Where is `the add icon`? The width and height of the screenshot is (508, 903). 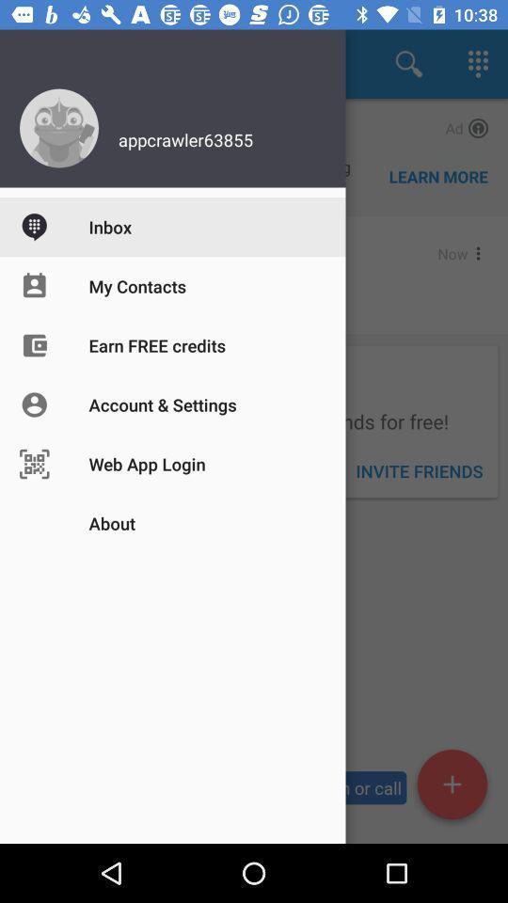
the add icon is located at coordinates (451, 787).